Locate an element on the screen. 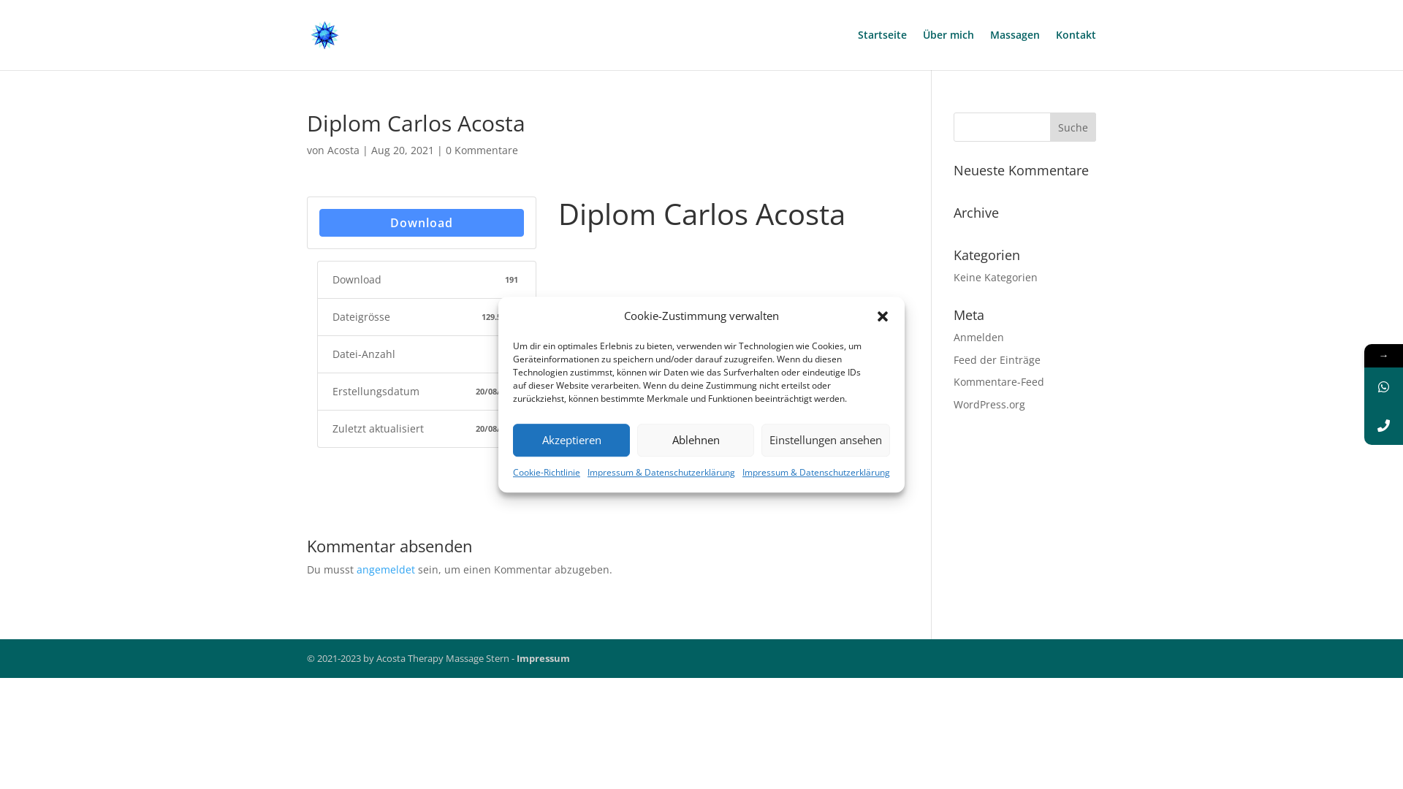  'Kommentare-Feed' is located at coordinates (998, 381).